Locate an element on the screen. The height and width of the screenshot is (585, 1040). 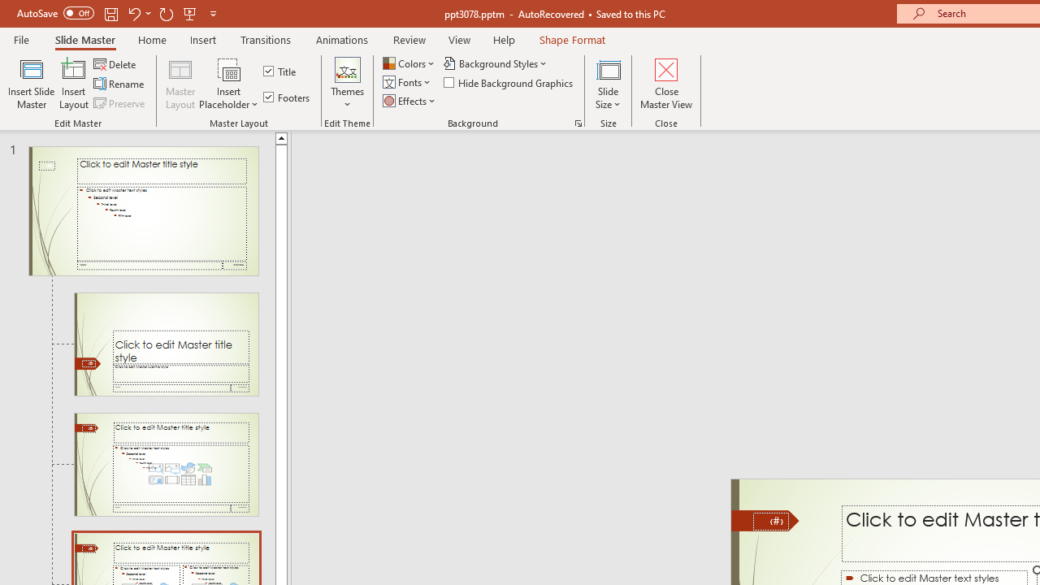
'Slide Wisp Slide Master: used by slide(s) 1' is located at coordinates (143, 210).